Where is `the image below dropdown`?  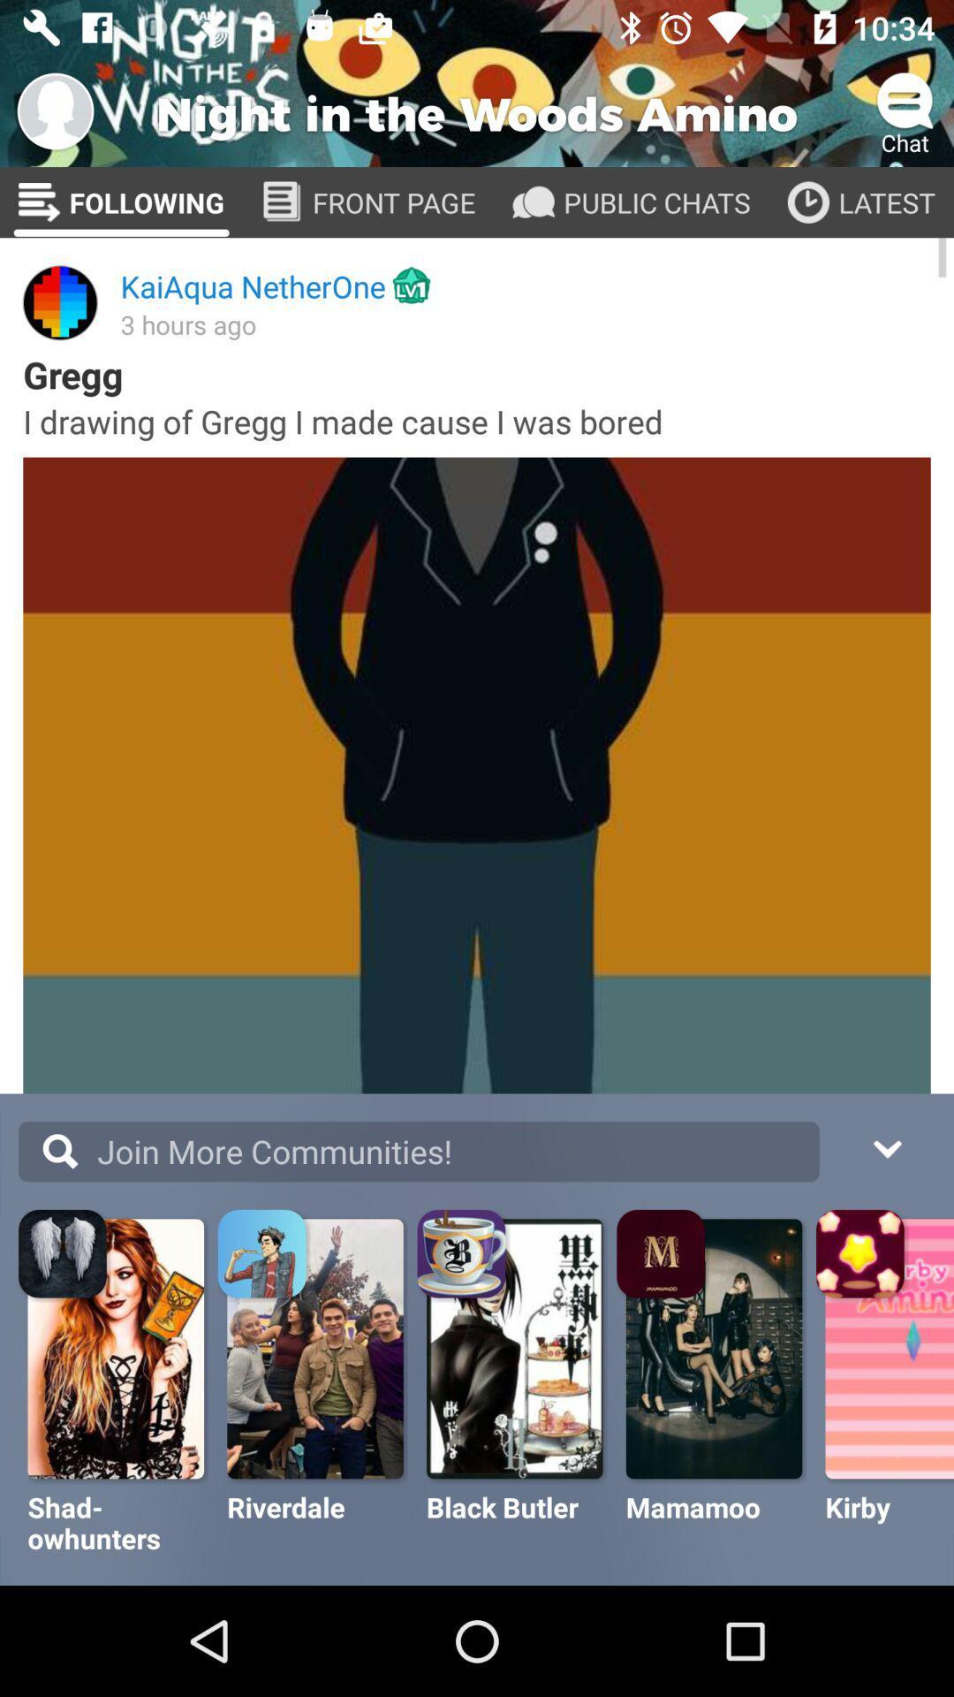
the image below dropdown is located at coordinates (861, 1255).